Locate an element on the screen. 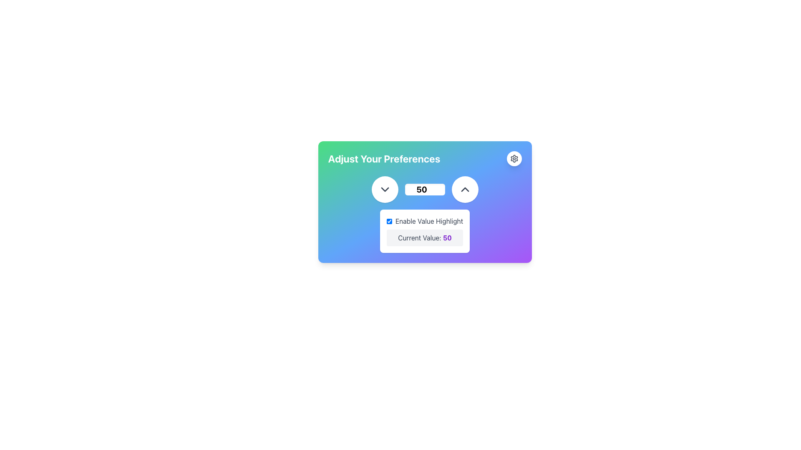 The width and height of the screenshot is (801, 450). the label displaying 'Enable Value Highlight' which is adjacent to a checkbox in the bottom-center area of the 'Adjust Your Preferences' card is located at coordinates (429, 221).